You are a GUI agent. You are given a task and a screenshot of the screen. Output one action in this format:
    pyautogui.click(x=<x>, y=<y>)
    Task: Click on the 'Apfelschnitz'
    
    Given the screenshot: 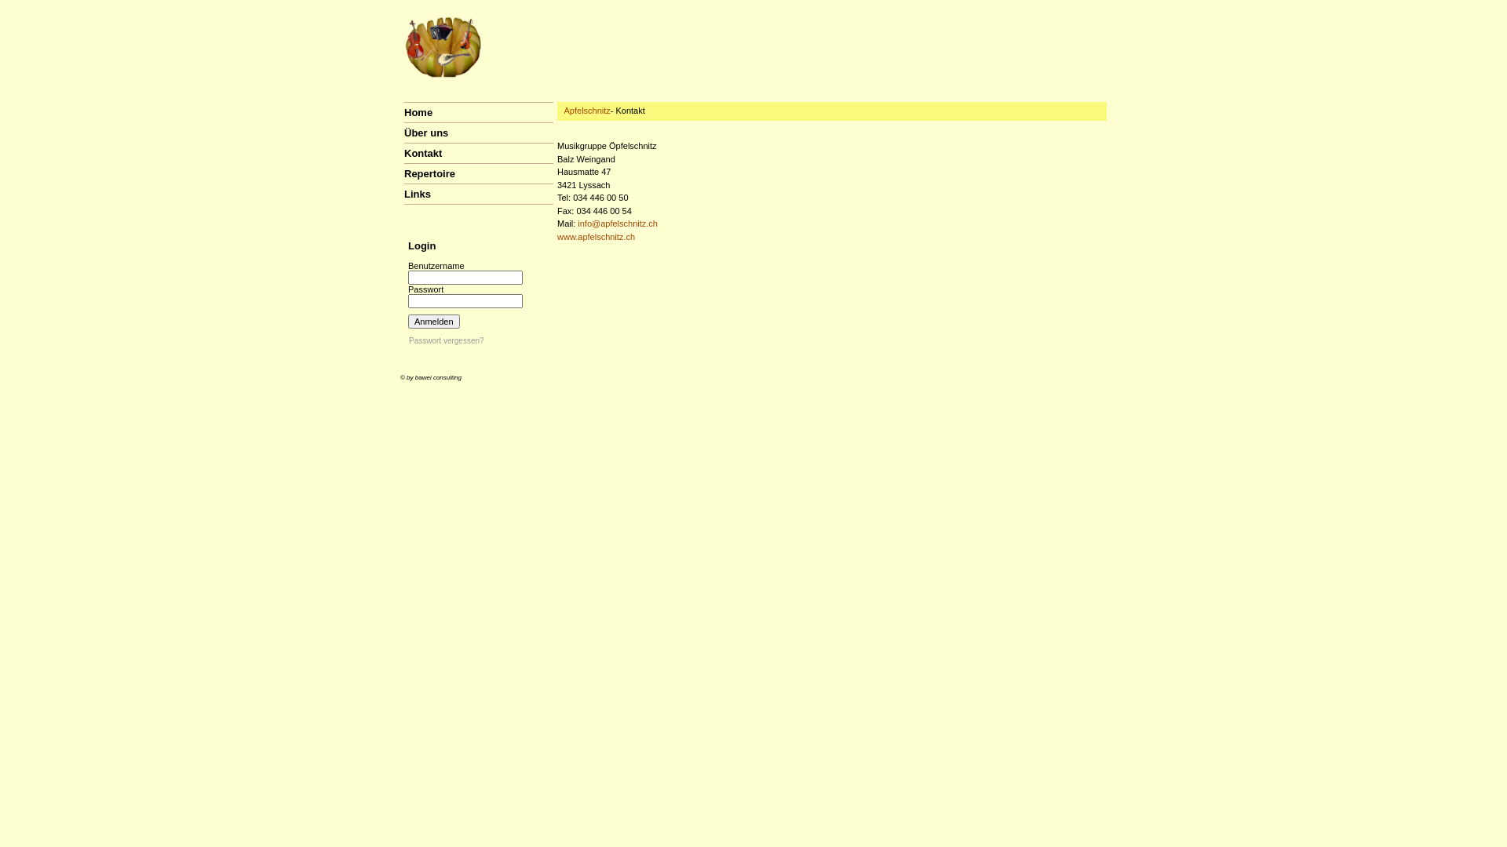 What is the action you would take?
    pyautogui.click(x=586, y=110)
    